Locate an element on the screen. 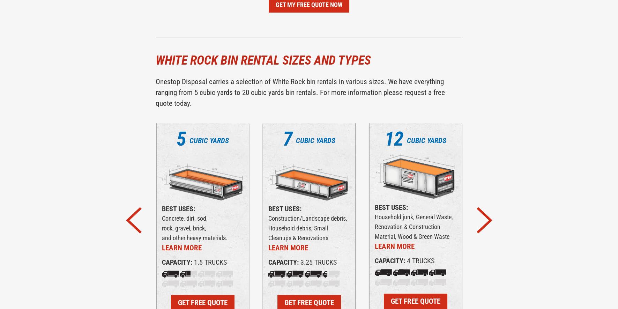  '7' is located at coordinates (287, 138).